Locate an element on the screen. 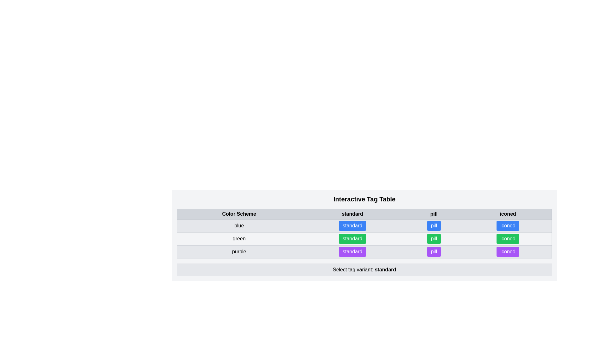 This screenshot has width=608, height=342. the button labeled 'iconed' with a purple background located in the bottom-right cell of the 'Interactive Tag Table' is located at coordinates (508, 251).